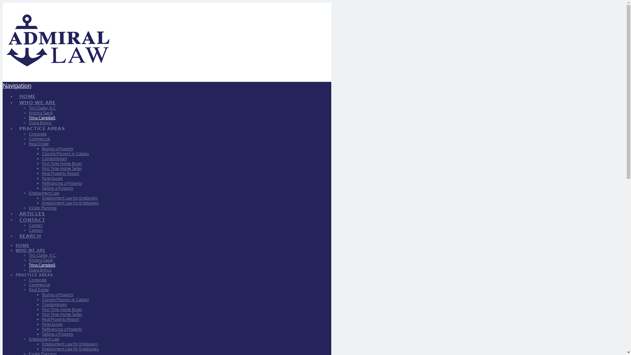 Image resolution: width=631 pixels, height=355 pixels. What do you see at coordinates (35, 230) in the screenshot?
I see `'Careers'` at bounding box center [35, 230].